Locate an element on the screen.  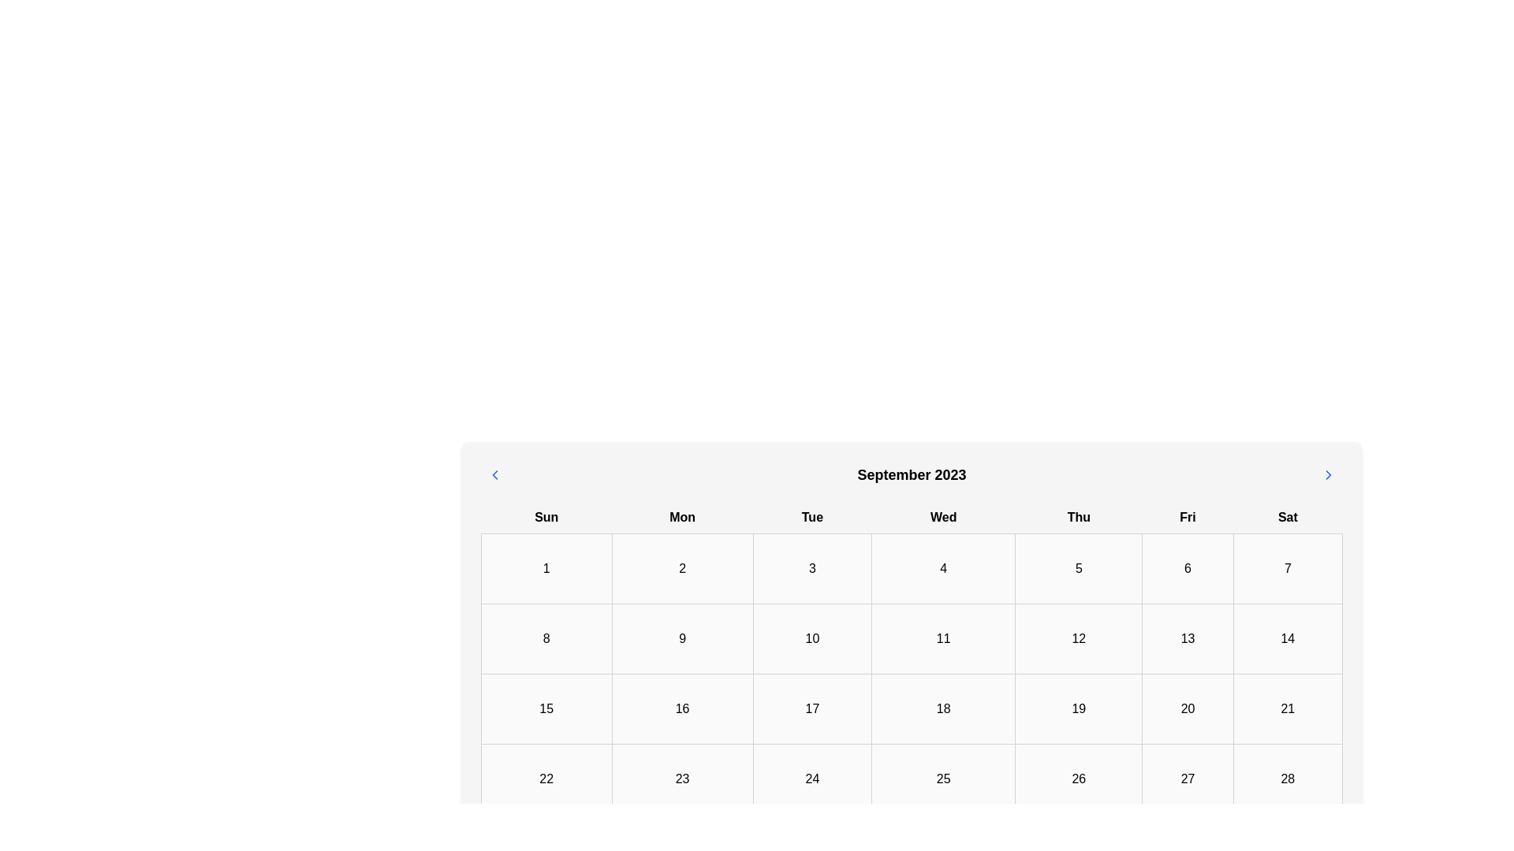
the button displaying the number '14' located in the second row, last column of the calendar grid is located at coordinates (1288, 638).